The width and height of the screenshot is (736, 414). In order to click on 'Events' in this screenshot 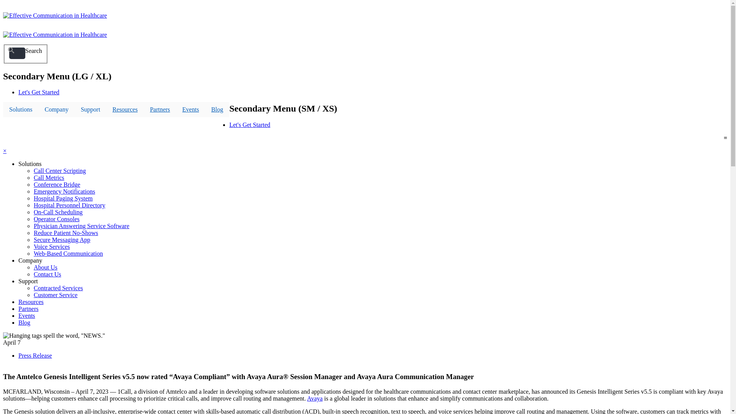, I will do `click(191, 109)`.